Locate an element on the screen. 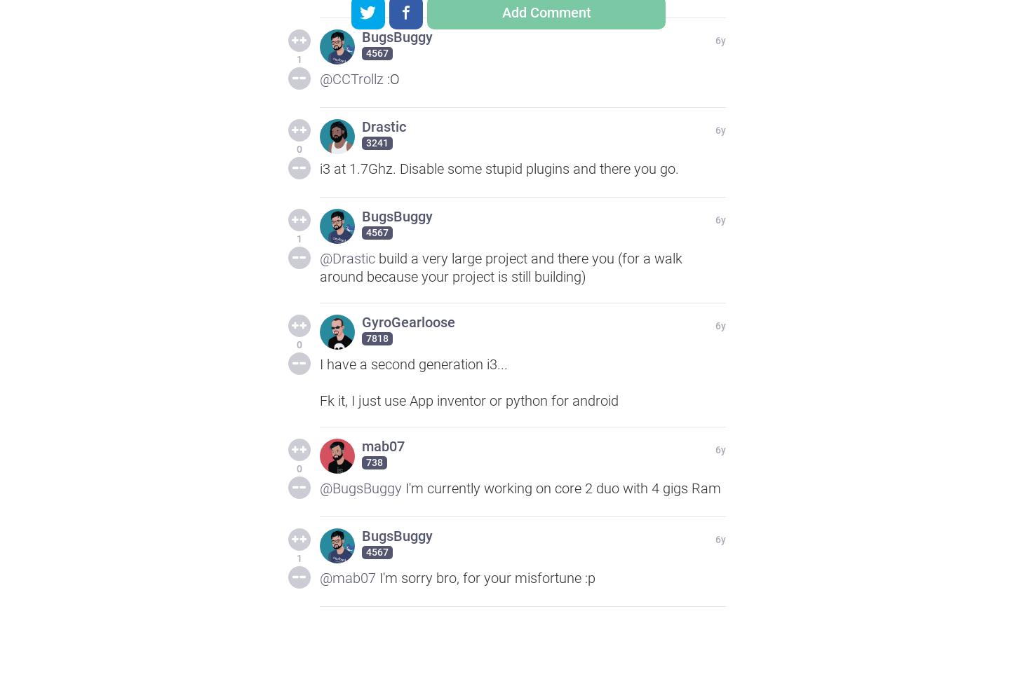 Image resolution: width=1017 pixels, height=679 pixels. '@BugsBuggy' is located at coordinates (361, 487).